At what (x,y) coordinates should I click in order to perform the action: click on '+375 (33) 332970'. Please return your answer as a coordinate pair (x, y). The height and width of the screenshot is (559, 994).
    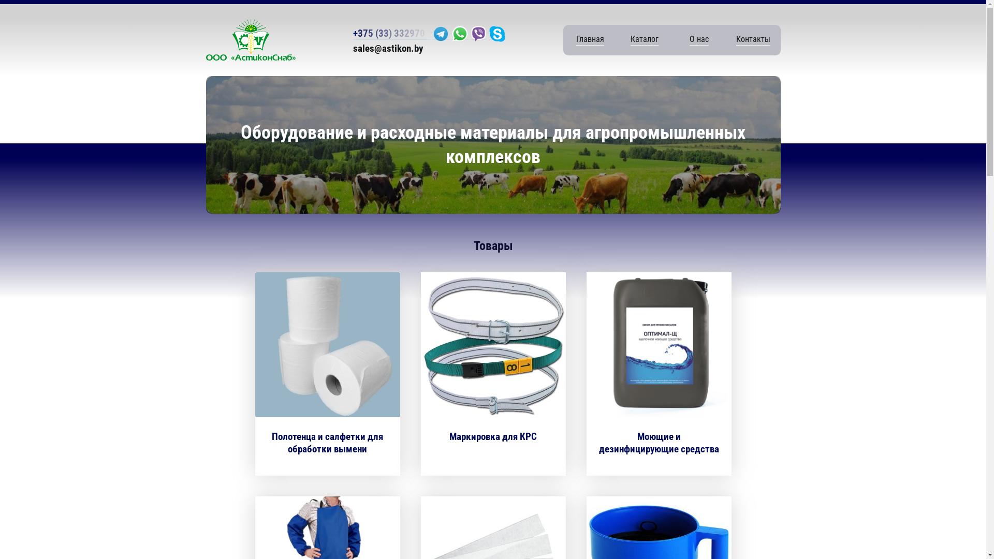
    Looking at the image, I should click on (391, 33).